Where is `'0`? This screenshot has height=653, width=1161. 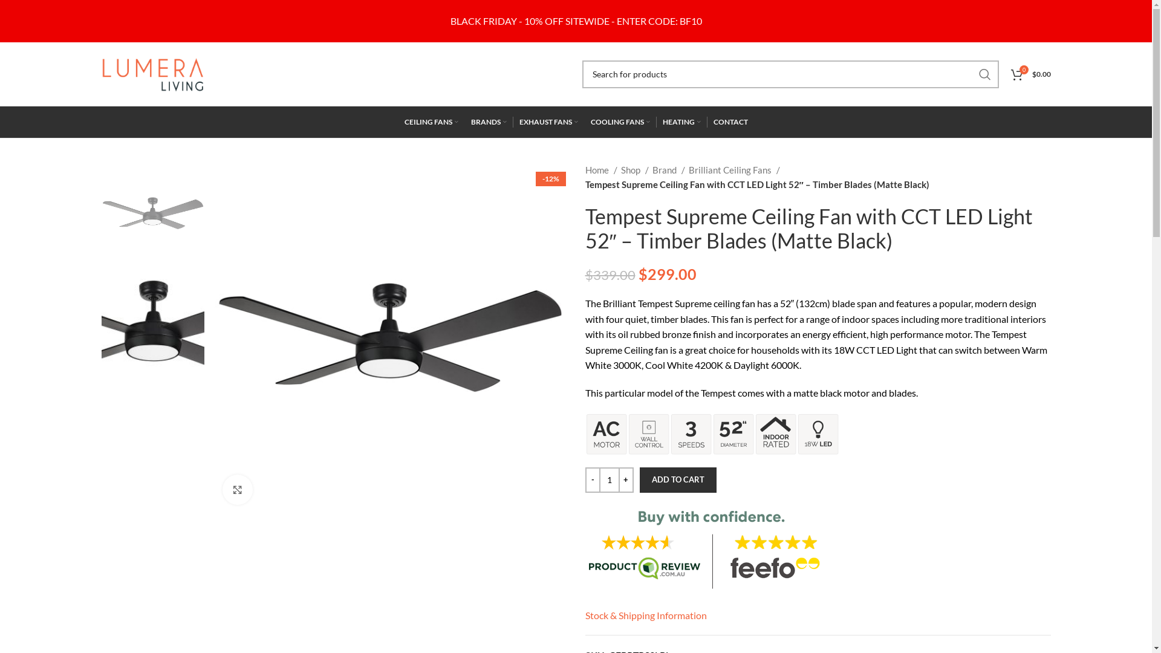 '0 is located at coordinates (1030, 74).